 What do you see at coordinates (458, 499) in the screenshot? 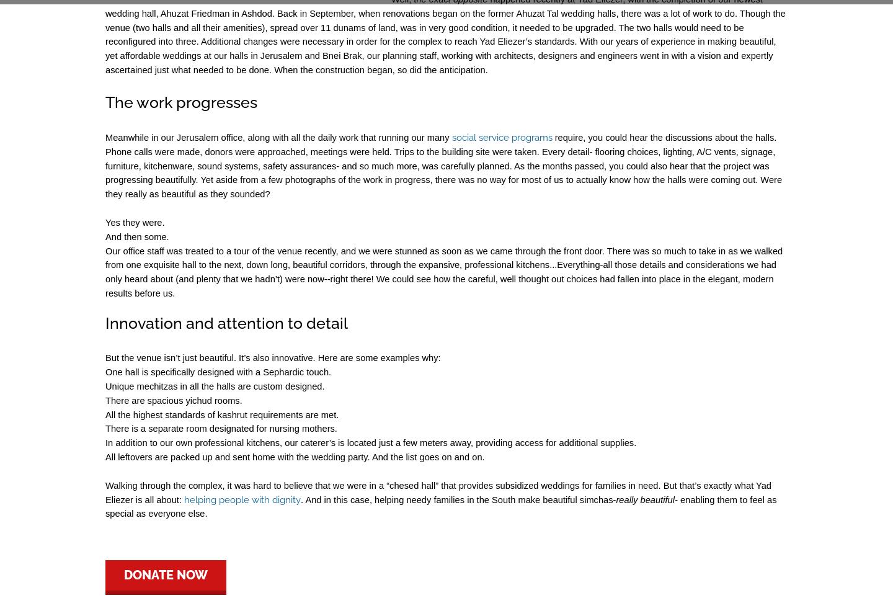
I see `'. And in this case, helping needy families in the South make beautiful simchas-'` at bounding box center [458, 499].